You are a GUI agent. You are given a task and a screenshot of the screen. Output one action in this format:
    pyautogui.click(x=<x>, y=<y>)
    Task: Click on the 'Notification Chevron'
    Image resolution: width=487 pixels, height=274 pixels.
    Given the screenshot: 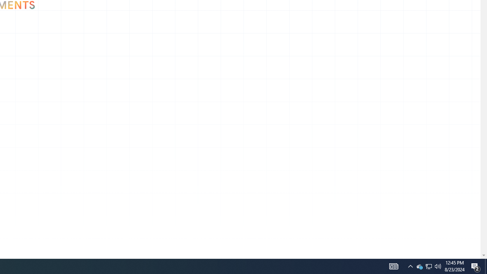 What is the action you would take?
    pyautogui.click(x=419, y=266)
    